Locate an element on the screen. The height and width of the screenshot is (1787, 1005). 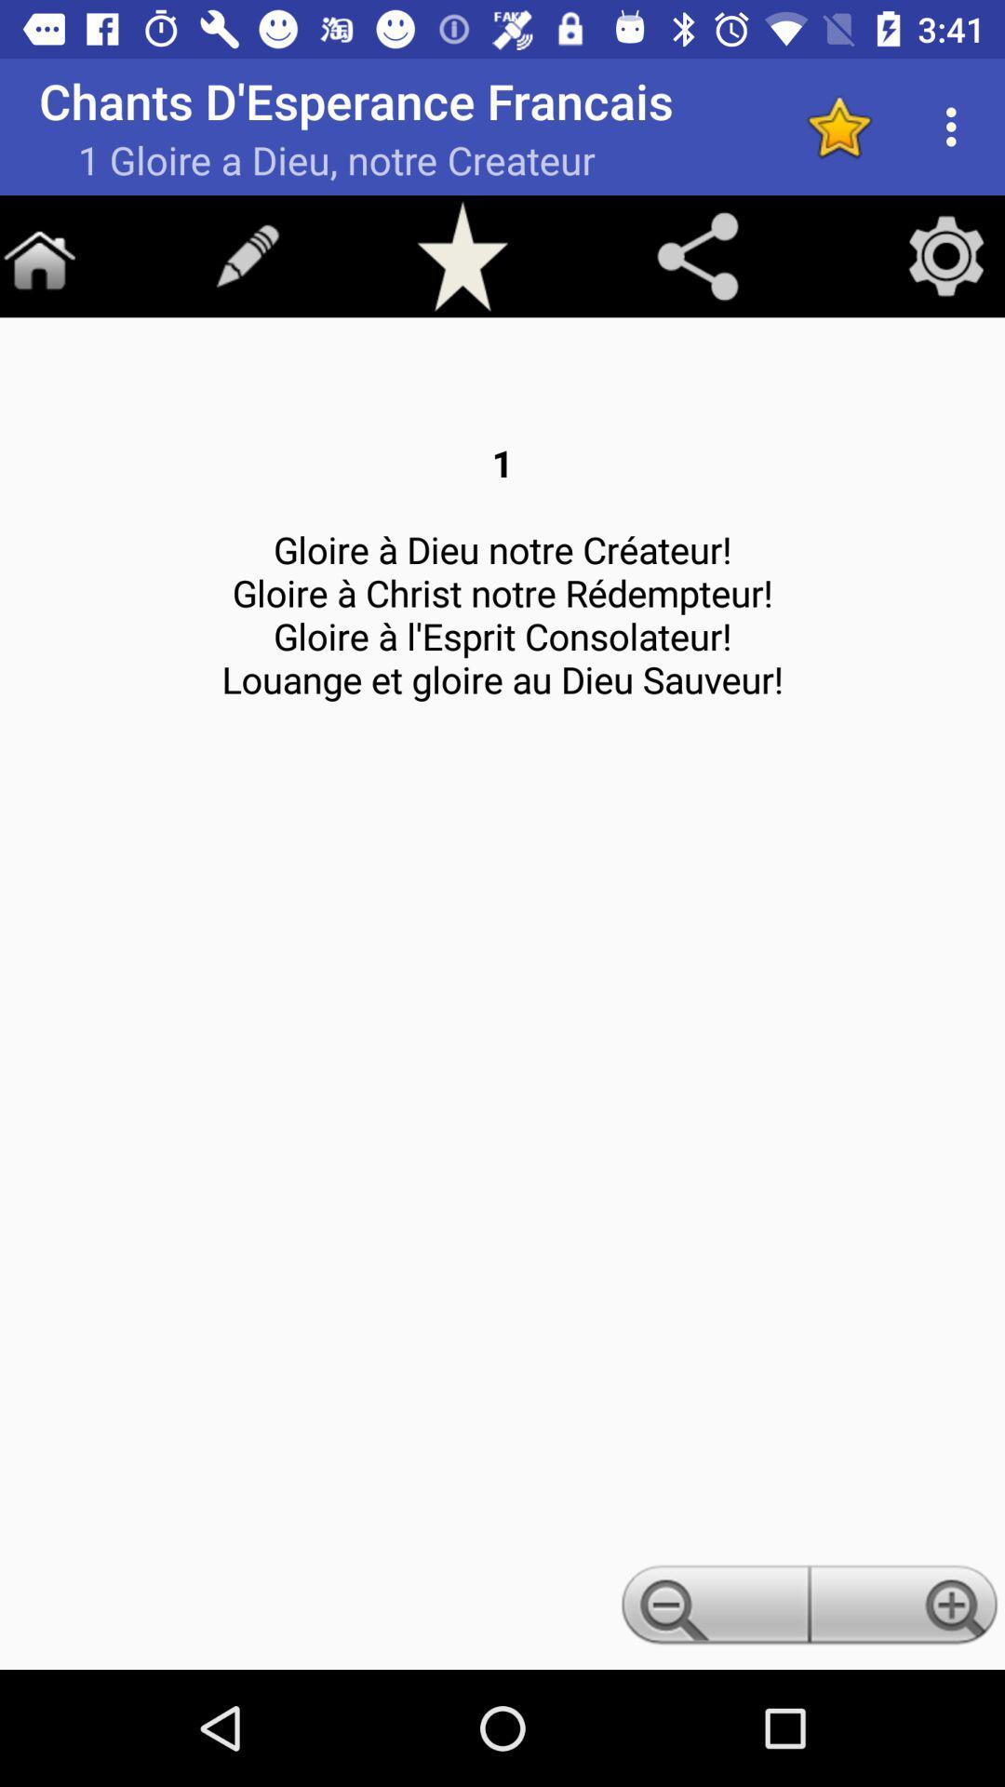
the home icon is located at coordinates (39, 255).